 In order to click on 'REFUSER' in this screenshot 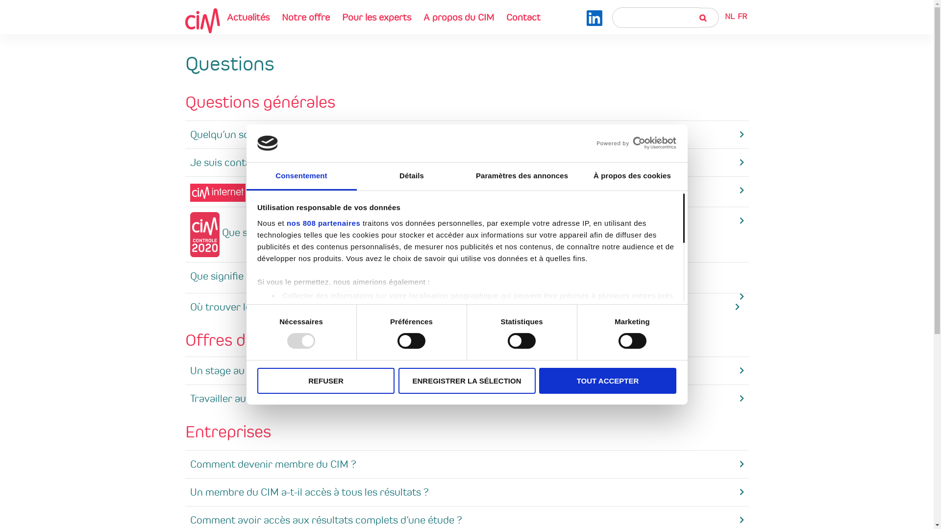, I will do `click(326, 380)`.